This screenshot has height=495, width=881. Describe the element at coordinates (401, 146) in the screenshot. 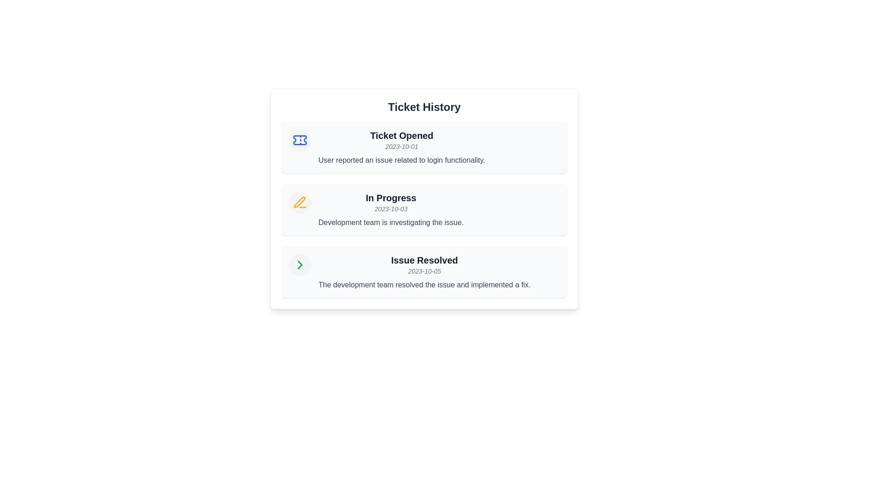

I see `the timestamp text indicating the date associated with the ticket creation event, located below the 'Ticket Opened' heading in the 'Ticket History' interface` at that location.